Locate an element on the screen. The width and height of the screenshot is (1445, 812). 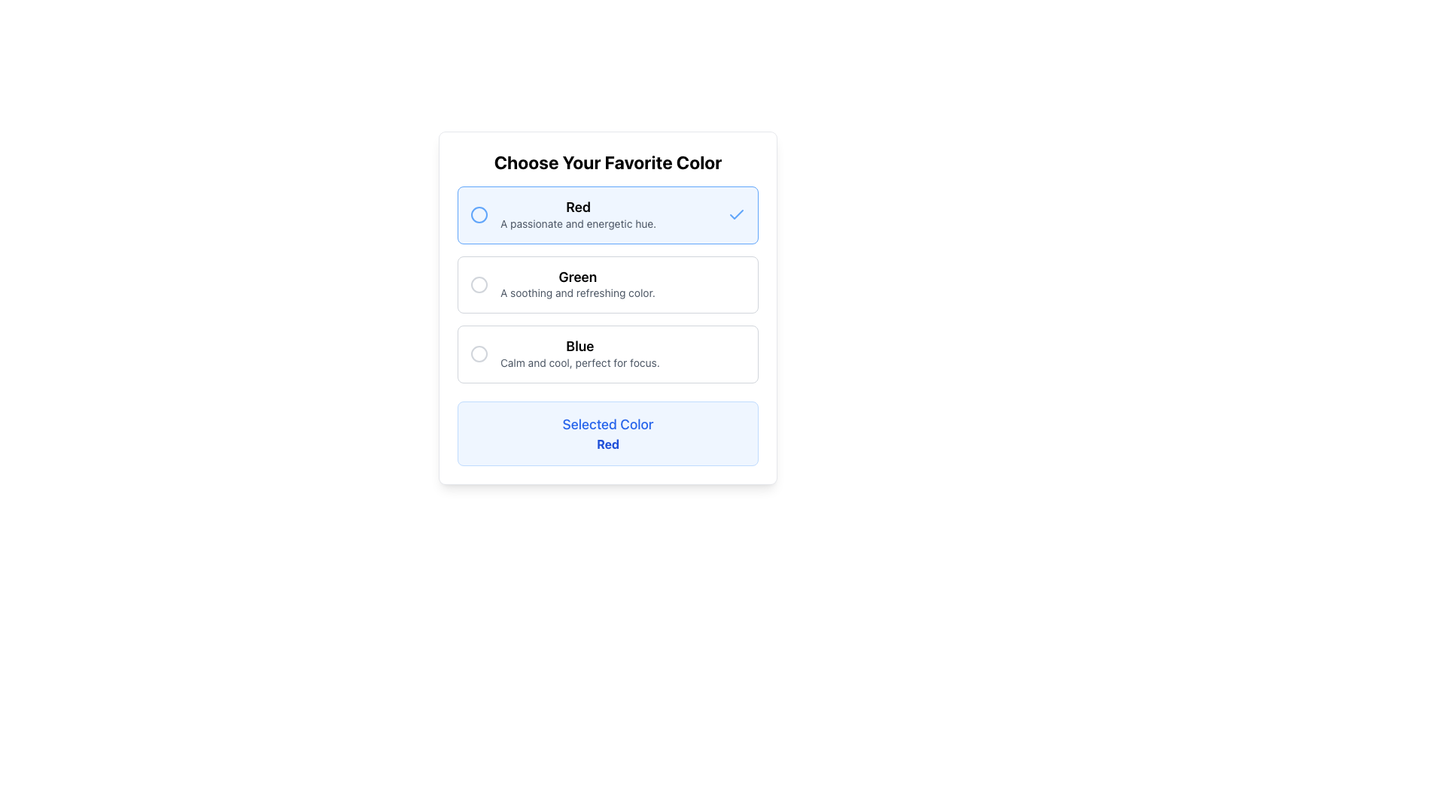
the text label 'Selected Color' which is styled with a medium-sized blue font and is part of a light blue background box with rounded corners is located at coordinates (607, 424).